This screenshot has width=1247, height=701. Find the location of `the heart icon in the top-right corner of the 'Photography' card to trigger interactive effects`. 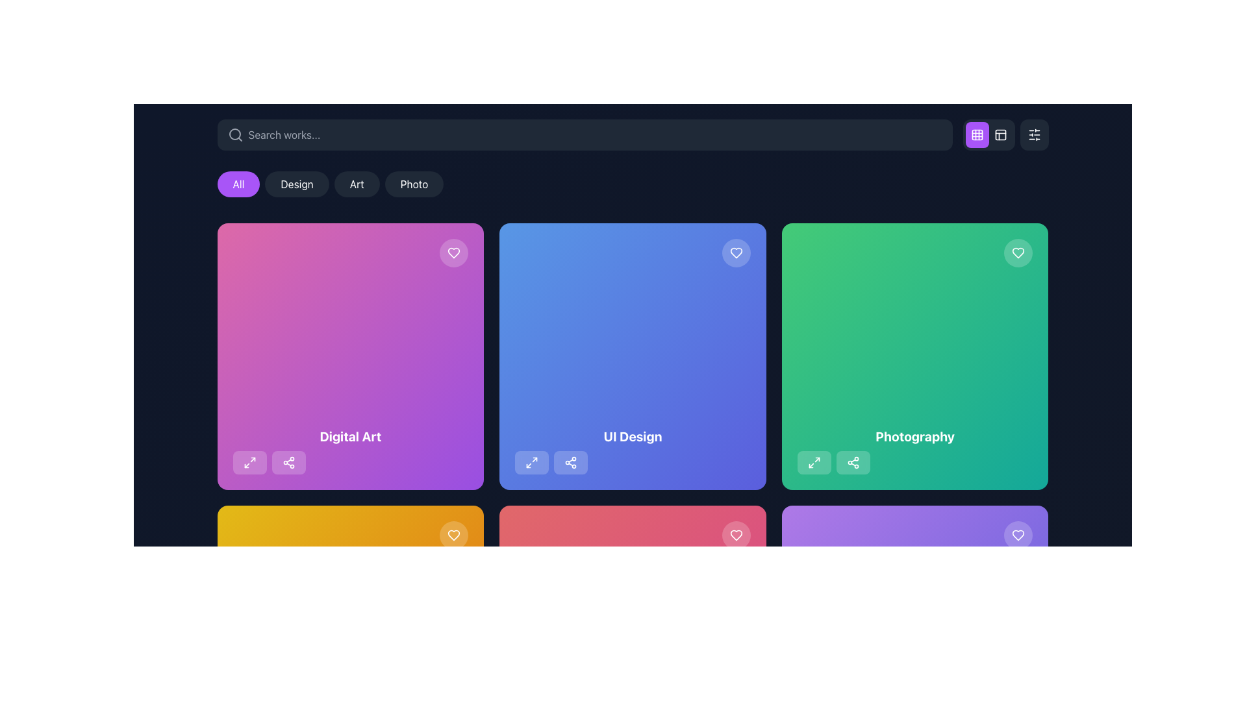

the heart icon in the top-right corner of the 'Photography' card to trigger interactive effects is located at coordinates (1018, 252).